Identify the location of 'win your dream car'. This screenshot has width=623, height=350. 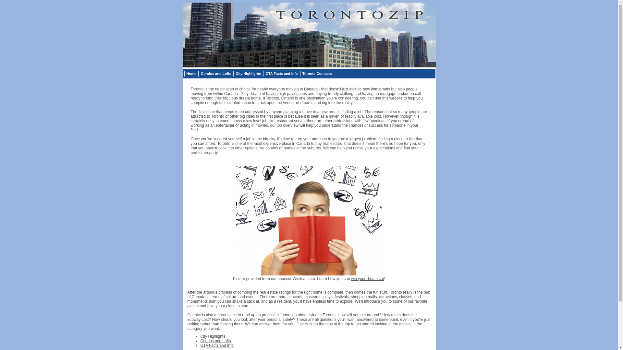
(367, 278).